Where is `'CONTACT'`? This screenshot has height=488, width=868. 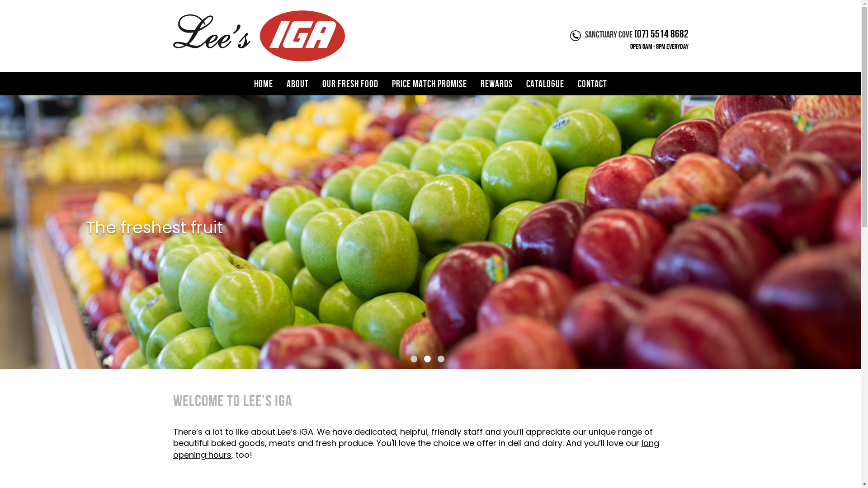 'CONTACT' is located at coordinates (570, 84).